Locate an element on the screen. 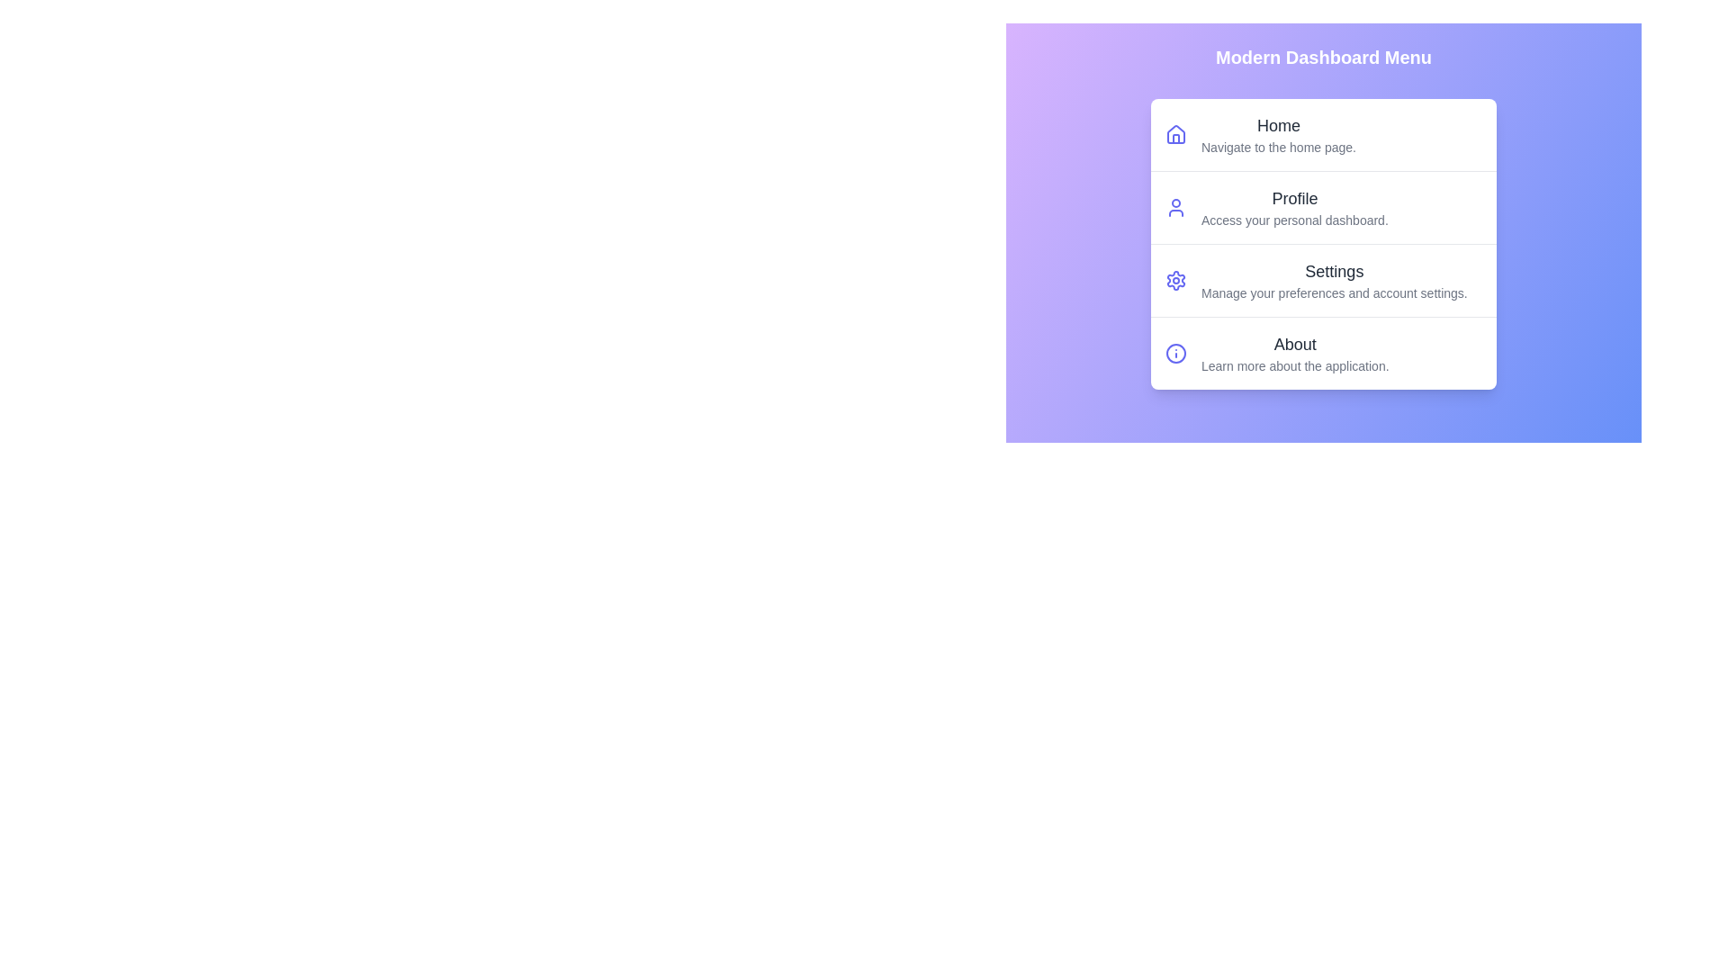  the menu item corresponding to Home is located at coordinates (1323, 134).